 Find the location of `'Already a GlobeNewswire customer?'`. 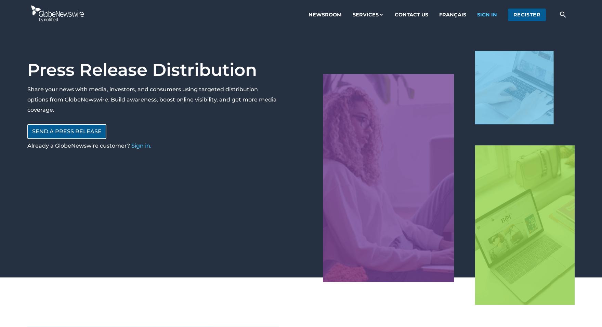

'Already a GlobeNewswire customer?' is located at coordinates (79, 145).